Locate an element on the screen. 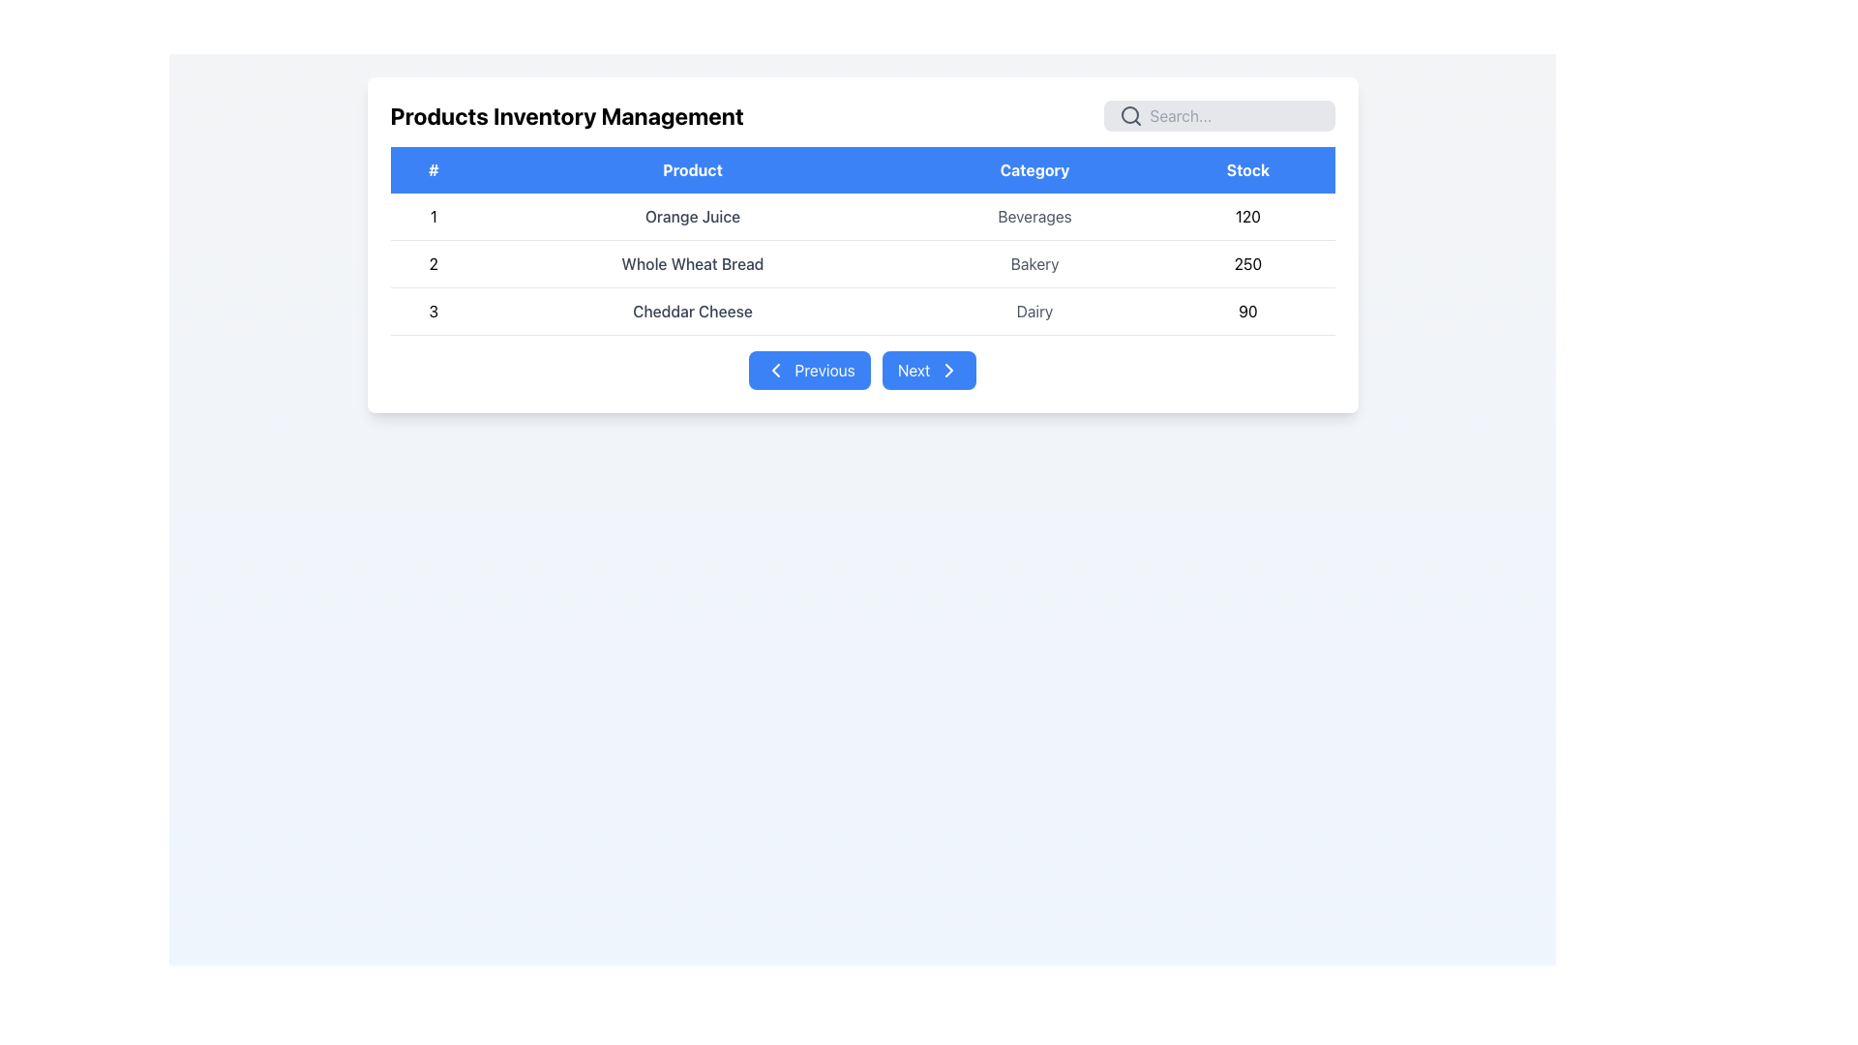  the numerical label displaying the digit '1' is located at coordinates (433, 217).